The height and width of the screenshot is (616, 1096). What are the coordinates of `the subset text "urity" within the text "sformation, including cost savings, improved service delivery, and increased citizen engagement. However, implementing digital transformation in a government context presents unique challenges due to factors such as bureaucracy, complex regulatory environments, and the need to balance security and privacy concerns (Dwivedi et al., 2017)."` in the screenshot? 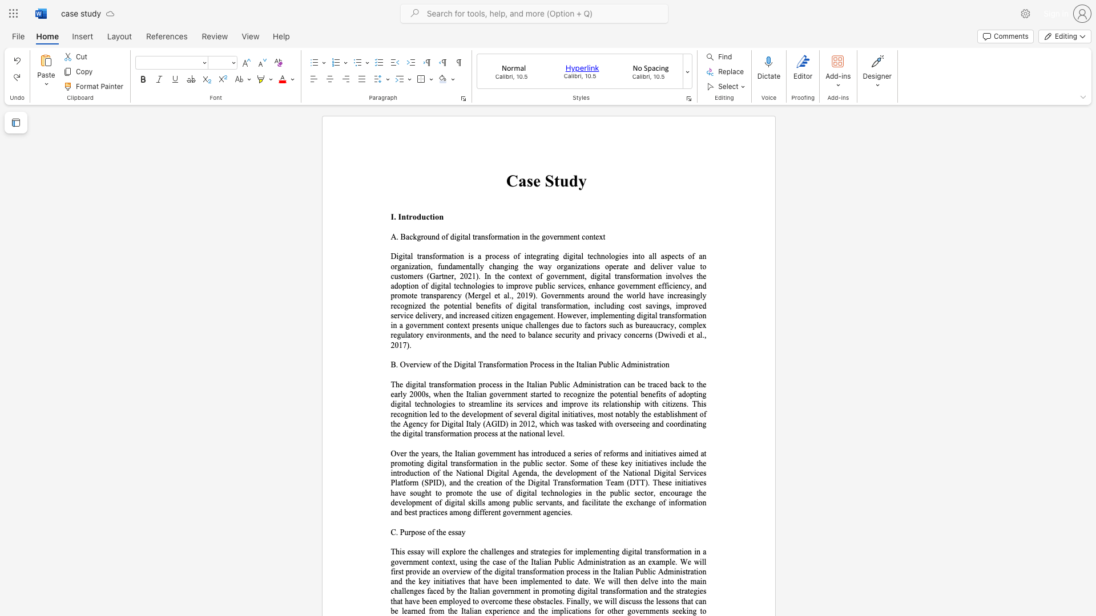 It's located at (565, 334).